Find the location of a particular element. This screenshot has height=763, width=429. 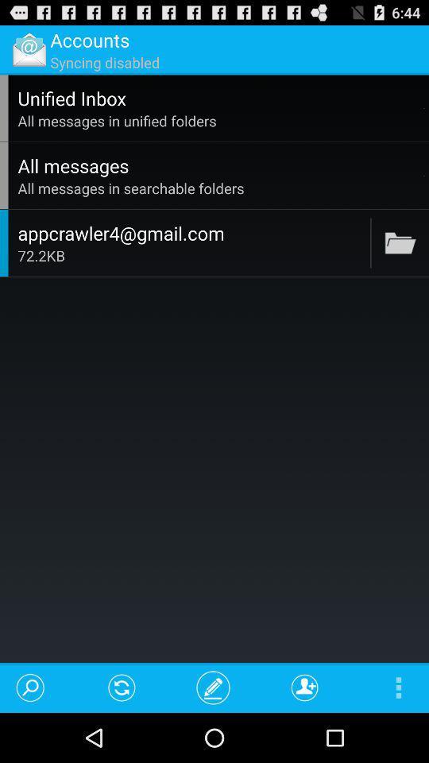

the first icon from the image is located at coordinates (29, 49).